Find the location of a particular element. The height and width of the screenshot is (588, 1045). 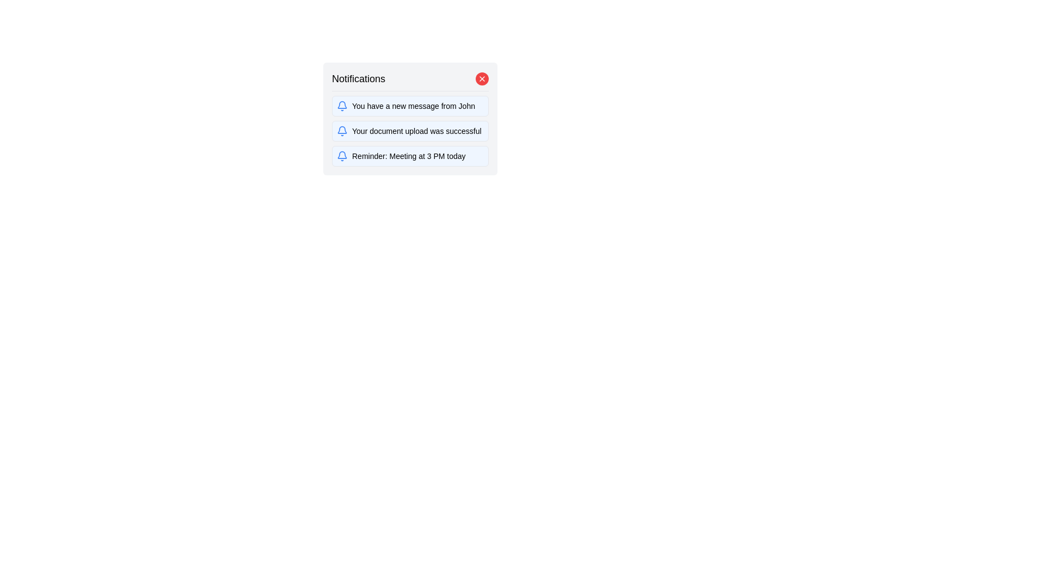

the blue notification bell icon located on the left side of the notification banner that contains the text 'Reminder: Meeting at 3 PM today.' is located at coordinates (341, 156).